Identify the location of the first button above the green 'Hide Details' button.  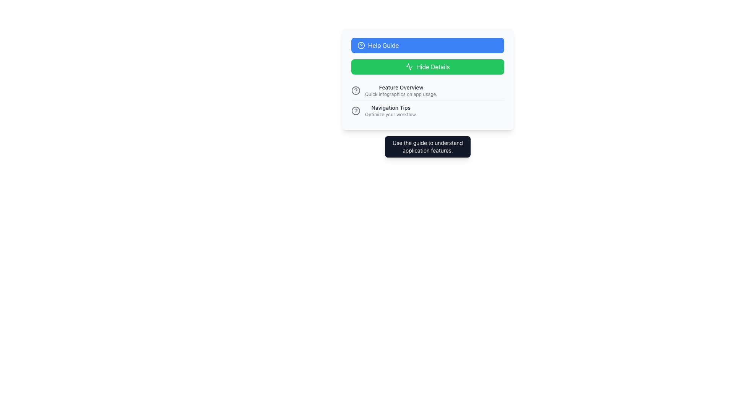
(427, 46).